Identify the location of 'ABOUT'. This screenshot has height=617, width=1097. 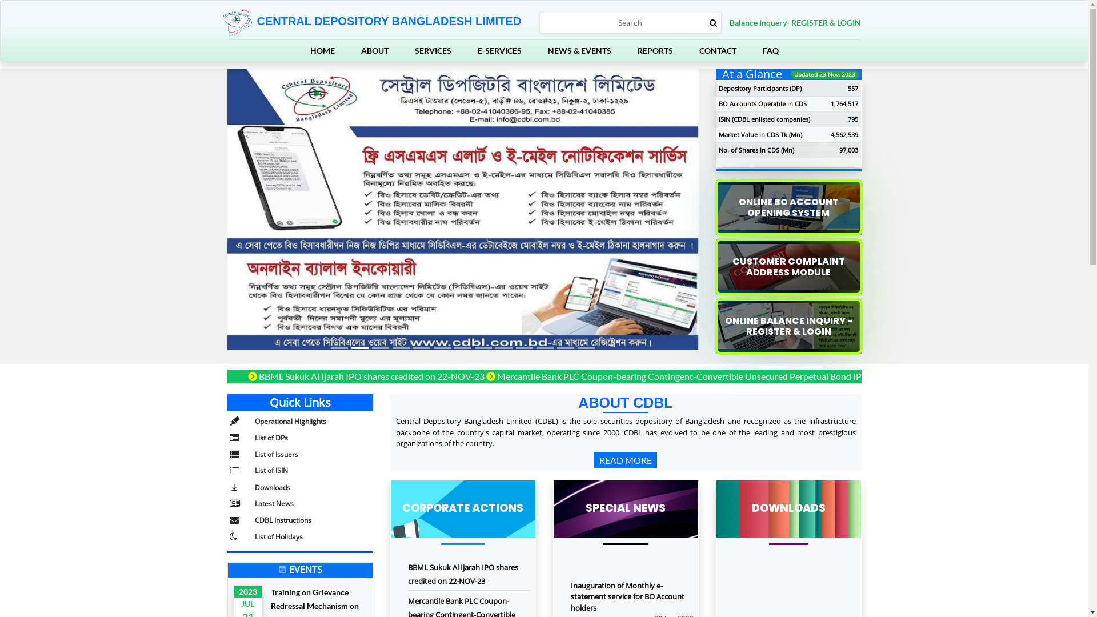
(375, 50).